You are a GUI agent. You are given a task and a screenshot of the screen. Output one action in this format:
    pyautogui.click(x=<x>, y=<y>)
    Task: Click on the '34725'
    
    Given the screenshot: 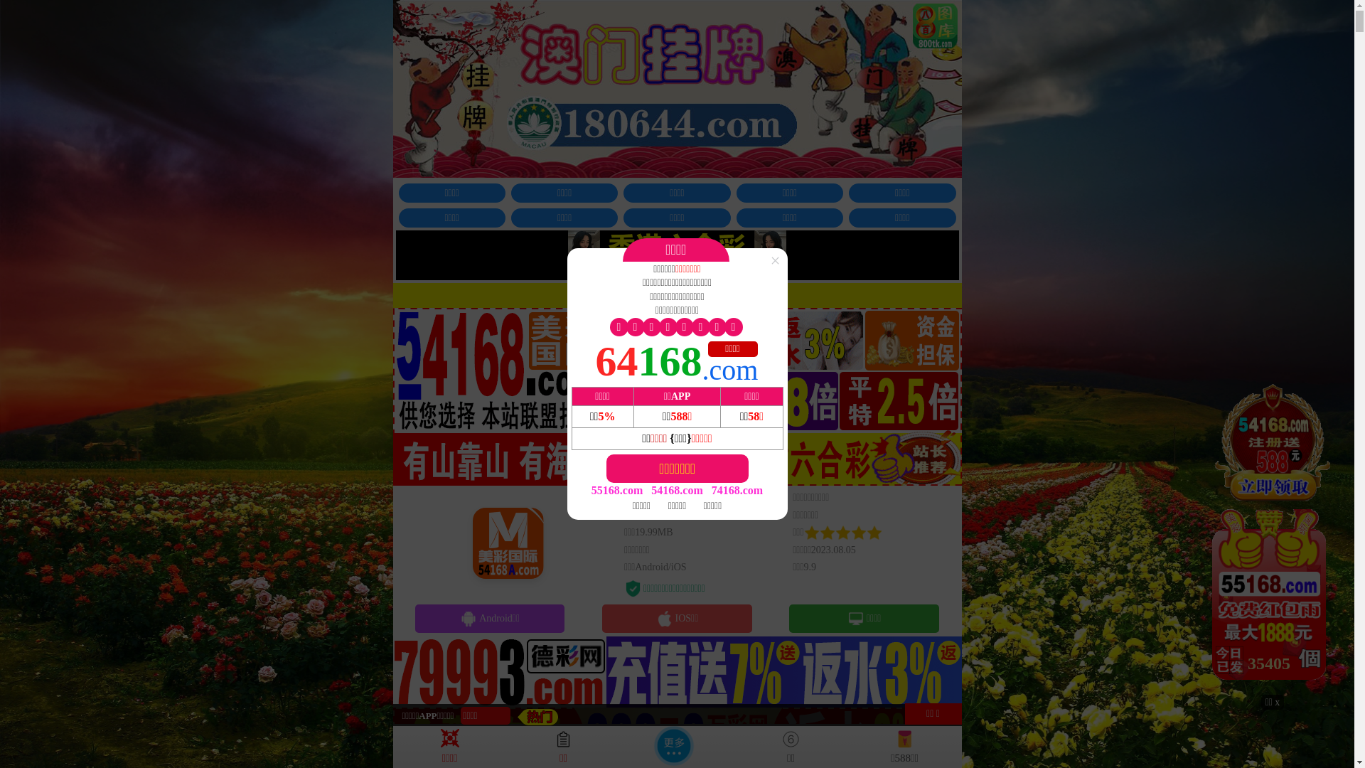 What is the action you would take?
    pyautogui.click(x=1273, y=537)
    